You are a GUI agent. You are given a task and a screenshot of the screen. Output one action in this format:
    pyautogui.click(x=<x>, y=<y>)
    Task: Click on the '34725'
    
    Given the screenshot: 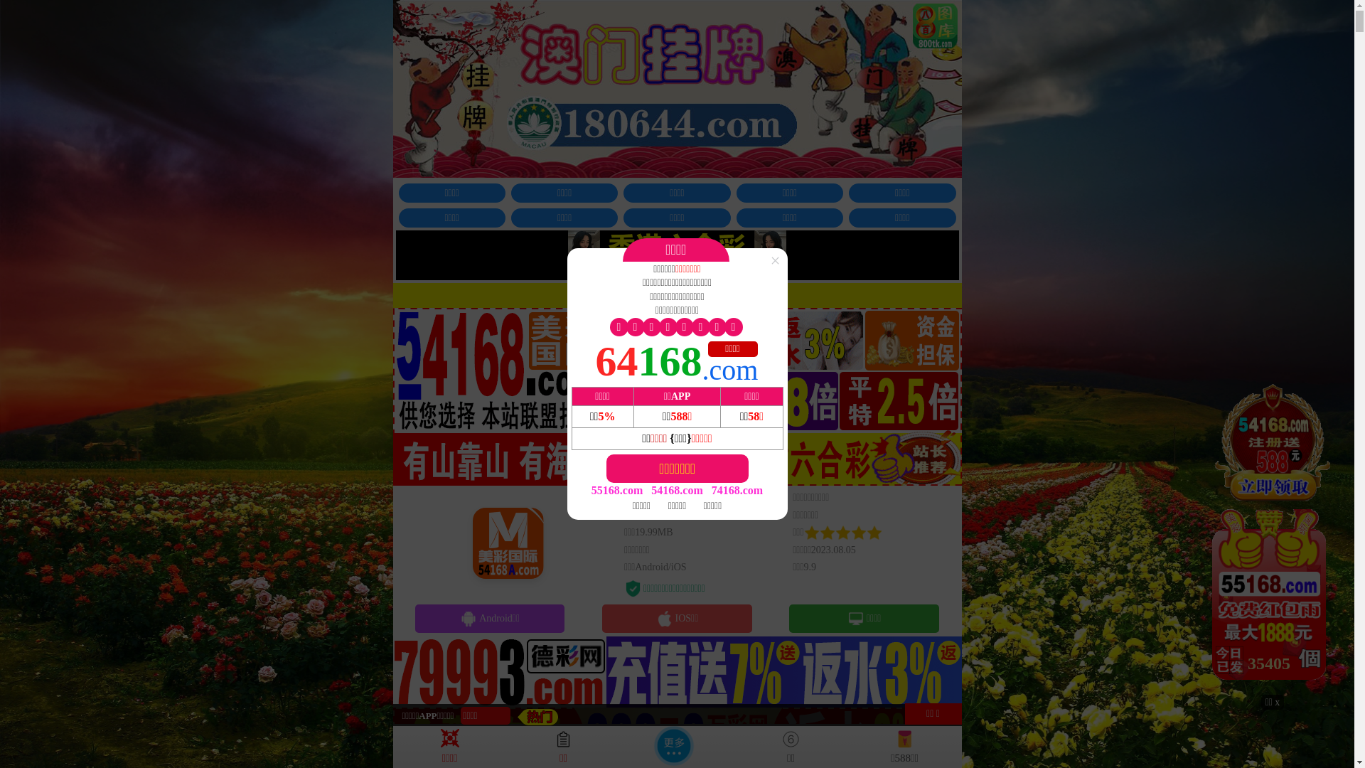 What is the action you would take?
    pyautogui.click(x=1273, y=537)
    